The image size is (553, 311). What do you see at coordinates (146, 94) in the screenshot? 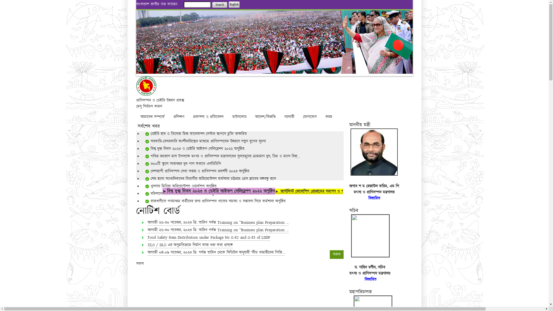
I see `'Home'` at bounding box center [146, 94].